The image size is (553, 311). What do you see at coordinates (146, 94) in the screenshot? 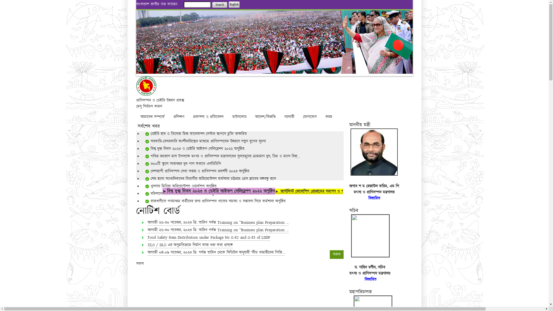
I see `'Home'` at bounding box center [146, 94].